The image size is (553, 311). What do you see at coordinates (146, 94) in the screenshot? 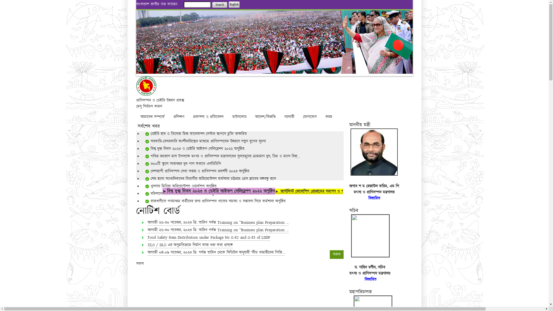
I see `'Home'` at bounding box center [146, 94].